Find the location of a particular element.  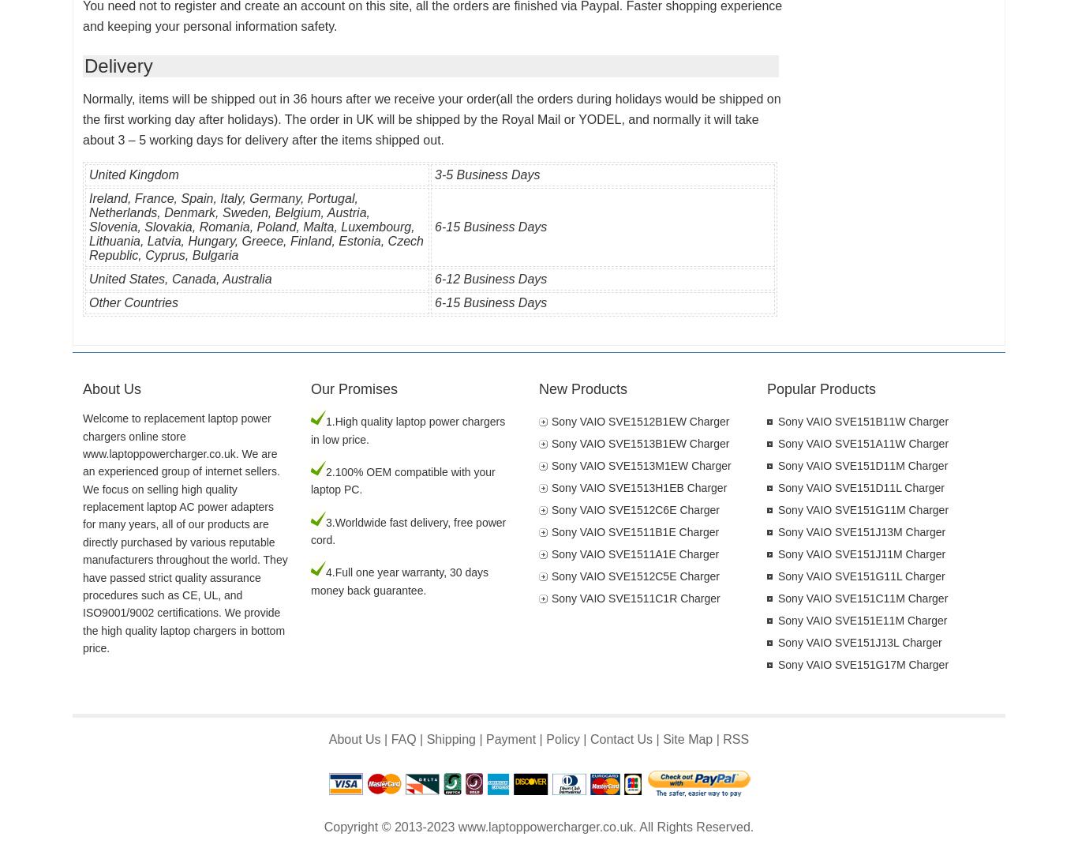

'Sony VAIO SVE1512B1EW Charger' is located at coordinates (639, 421).